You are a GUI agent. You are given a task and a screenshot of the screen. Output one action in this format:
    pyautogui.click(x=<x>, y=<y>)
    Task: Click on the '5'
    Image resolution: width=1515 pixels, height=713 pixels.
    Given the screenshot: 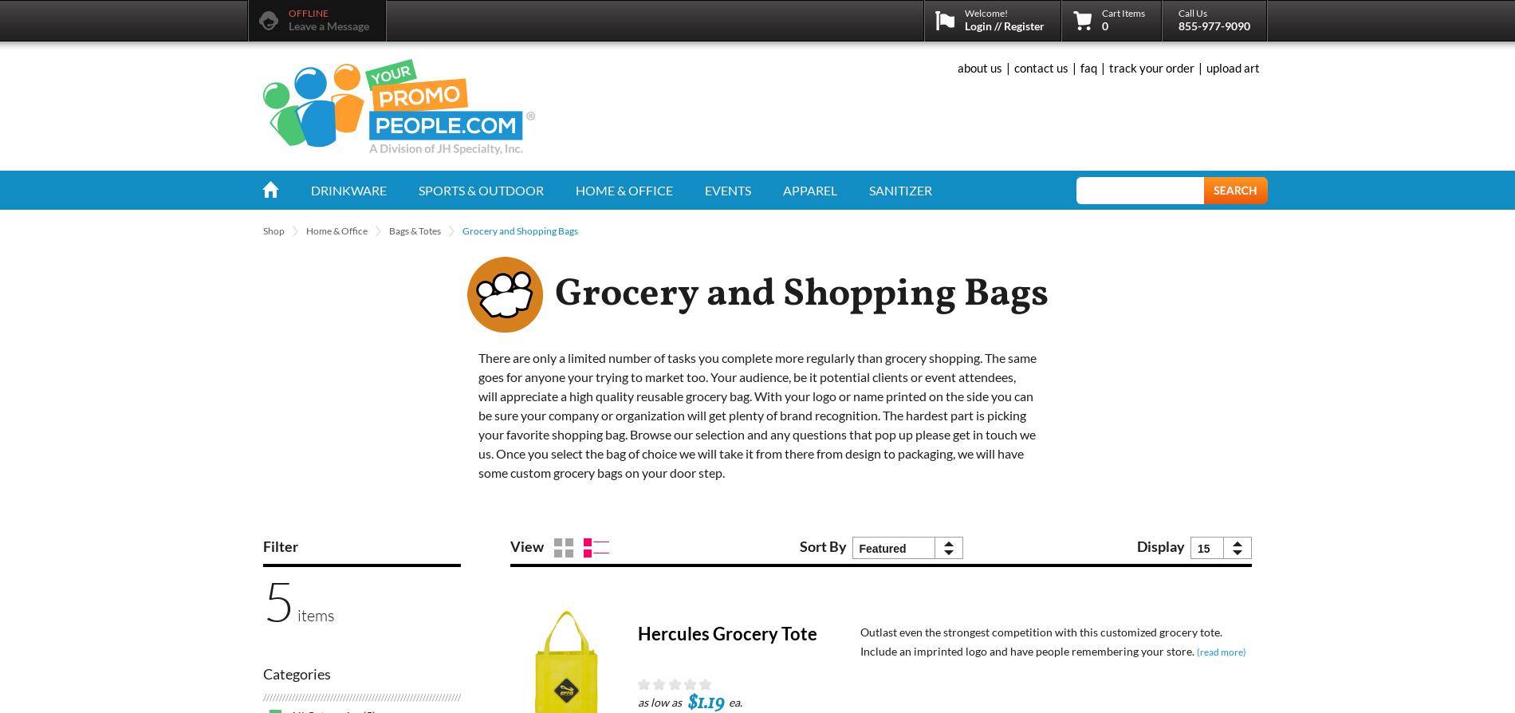 What is the action you would take?
    pyautogui.click(x=277, y=599)
    